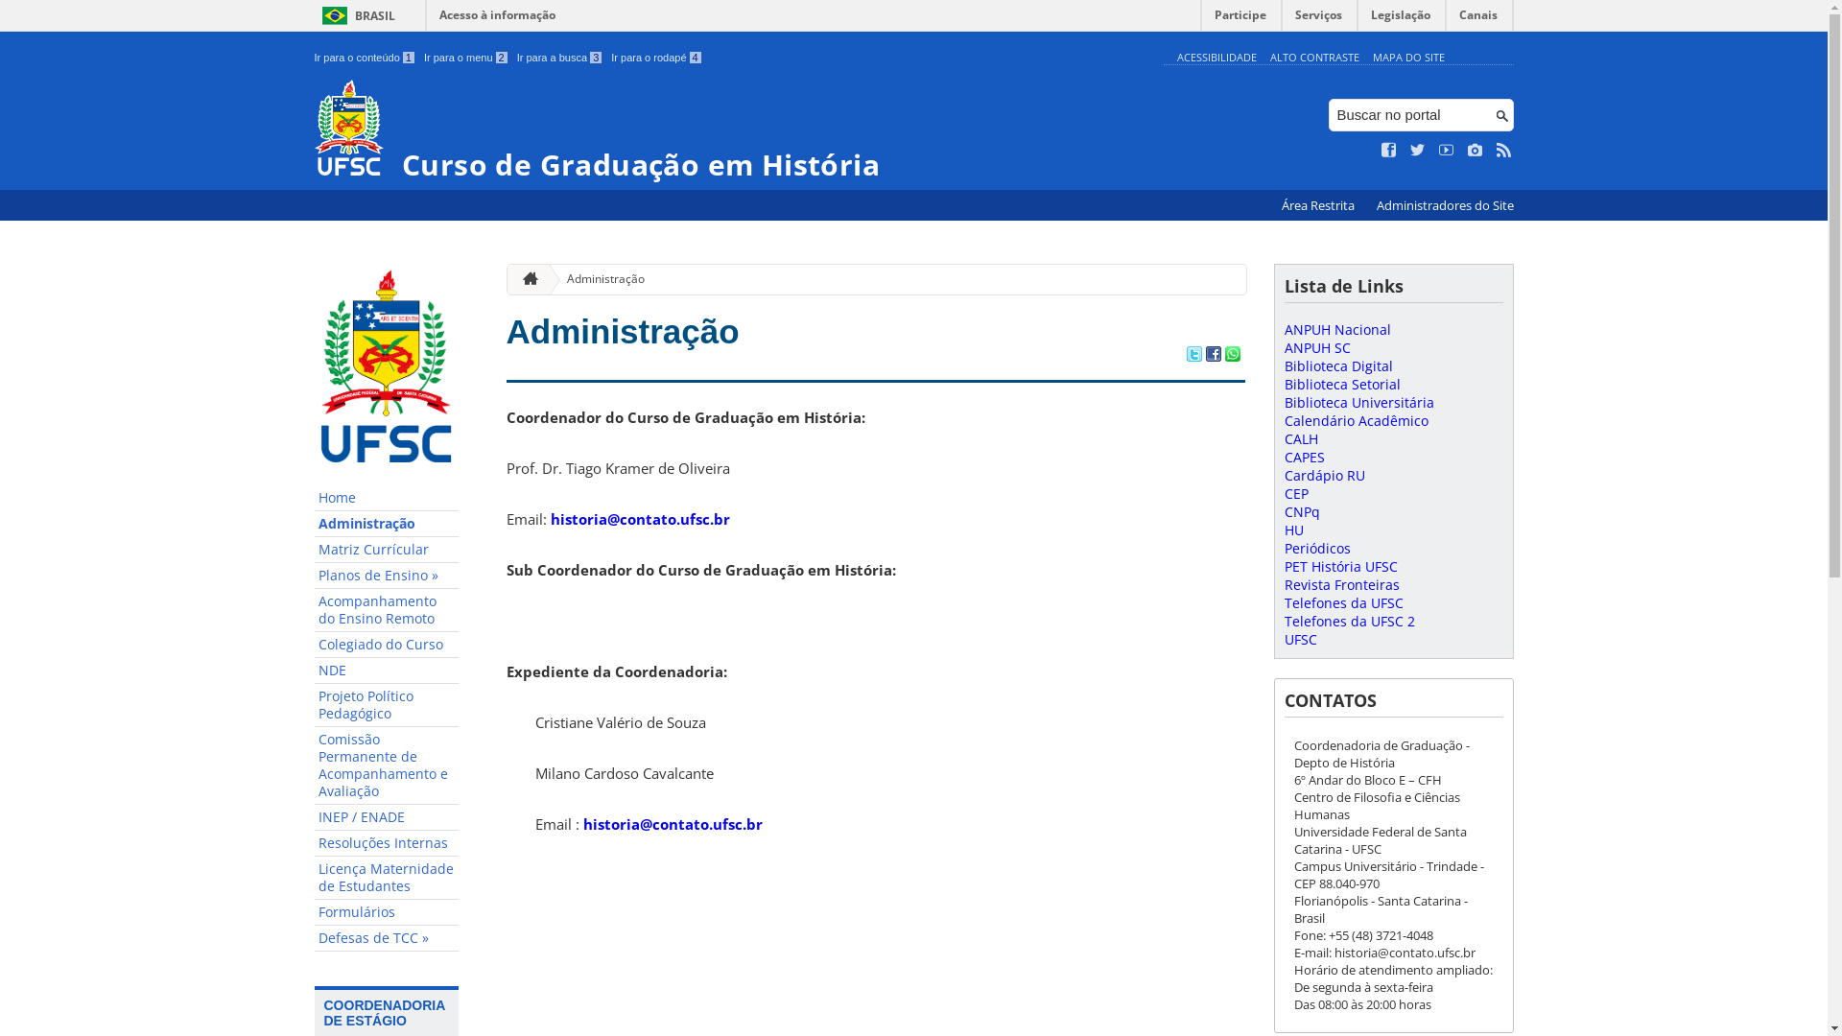 This screenshot has height=1036, width=1842. I want to click on 'Compartilhar no WhatsApp', so click(1231, 355).